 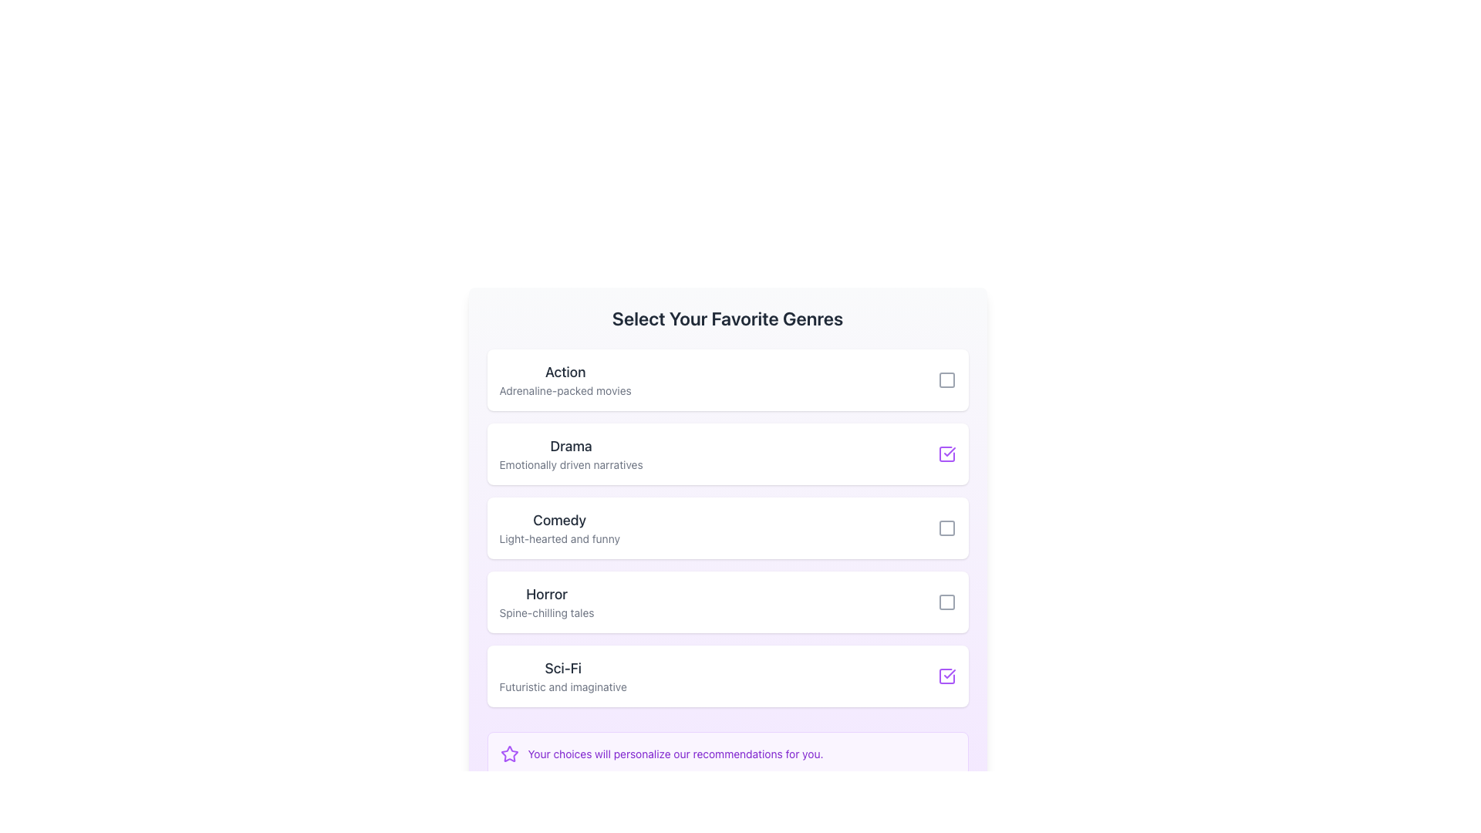 What do you see at coordinates (562, 668) in the screenshot?
I see `the 'Sci-Fi' label, which is the fifth item in the vertical list of genres, styled in bold dark gray font and positioned between 'Horror' and its description 'Futuristic and imaginative'` at bounding box center [562, 668].